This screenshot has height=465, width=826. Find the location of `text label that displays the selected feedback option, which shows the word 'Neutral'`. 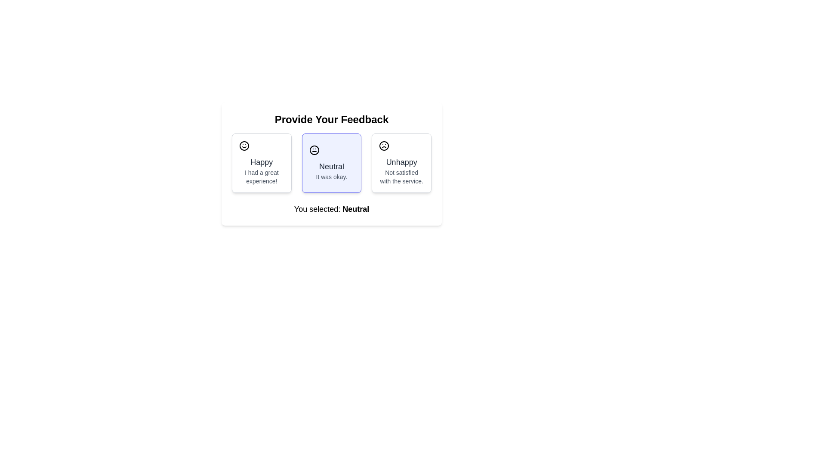

text label that displays the selected feedback option, which shows the word 'Neutral' is located at coordinates (356, 209).